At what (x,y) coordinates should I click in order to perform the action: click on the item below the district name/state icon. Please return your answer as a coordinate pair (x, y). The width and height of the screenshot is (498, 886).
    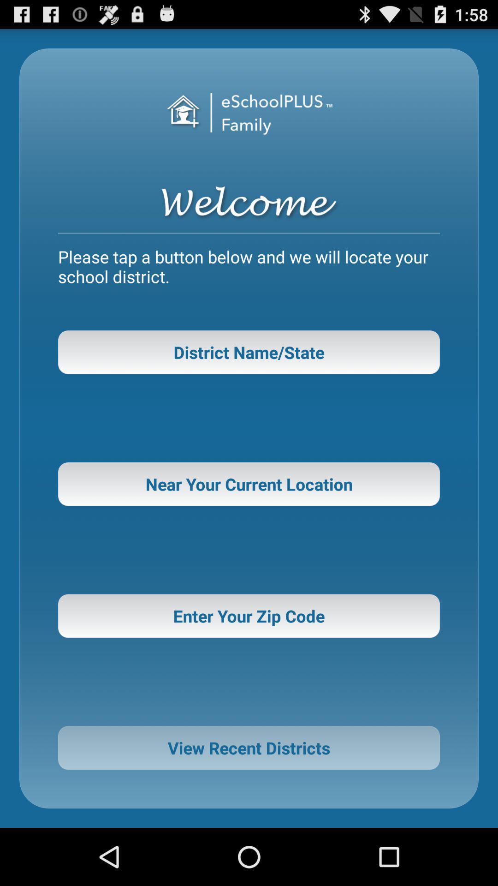
    Looking at the image, I should click on (249, 484).